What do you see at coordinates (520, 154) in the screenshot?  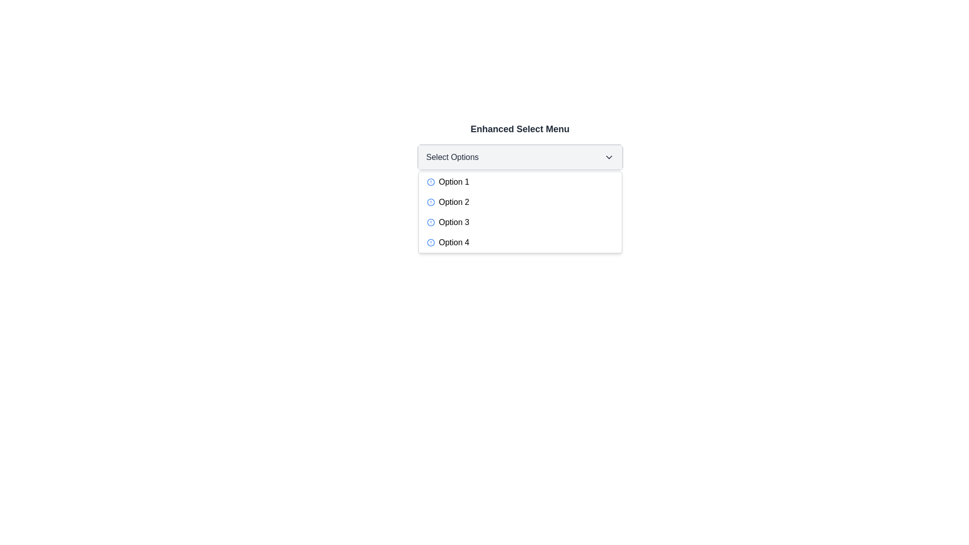 I see `the centrally positioned Dropdown Menu titled 'Enhanced Select Menu'` at bounding box center [520, 154].